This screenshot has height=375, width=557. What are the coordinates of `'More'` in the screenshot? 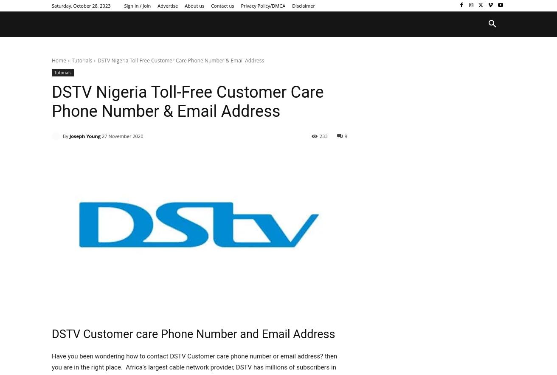 It's located at (441, 23).